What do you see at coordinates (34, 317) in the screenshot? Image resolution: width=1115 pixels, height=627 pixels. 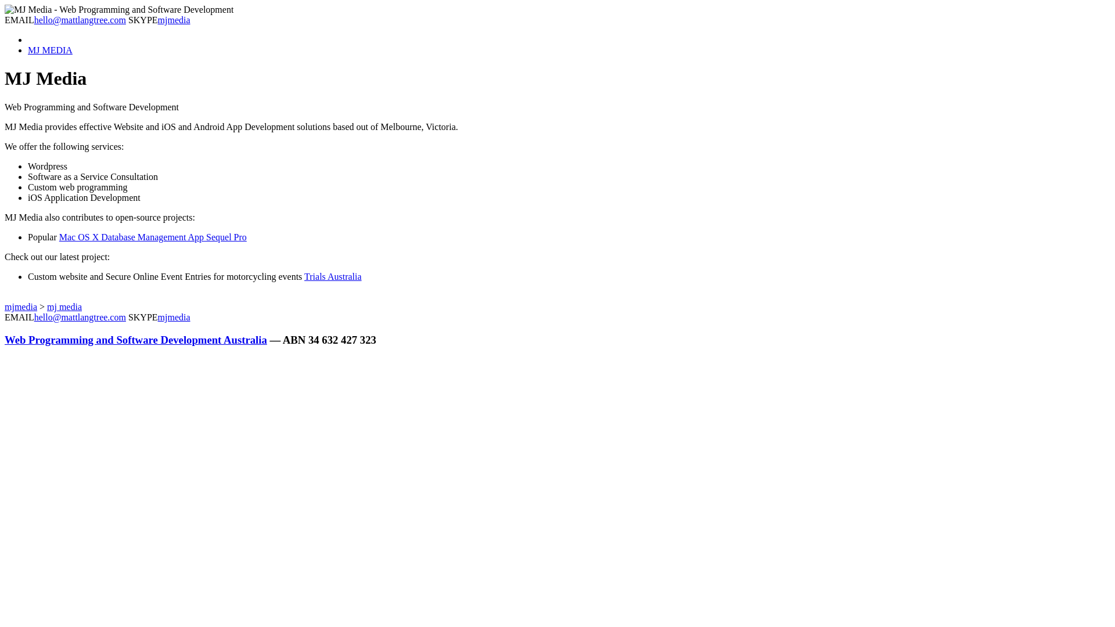 I see `'hello@mattlangtree.com'` at bounding box center [34, 317].